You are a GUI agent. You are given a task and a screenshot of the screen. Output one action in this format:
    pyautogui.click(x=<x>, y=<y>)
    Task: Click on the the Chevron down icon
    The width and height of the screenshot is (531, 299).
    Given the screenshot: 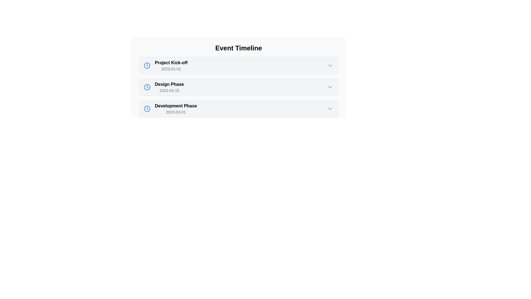 What is the action you would take?
    pyautogui.click(x=330, y=65)
    